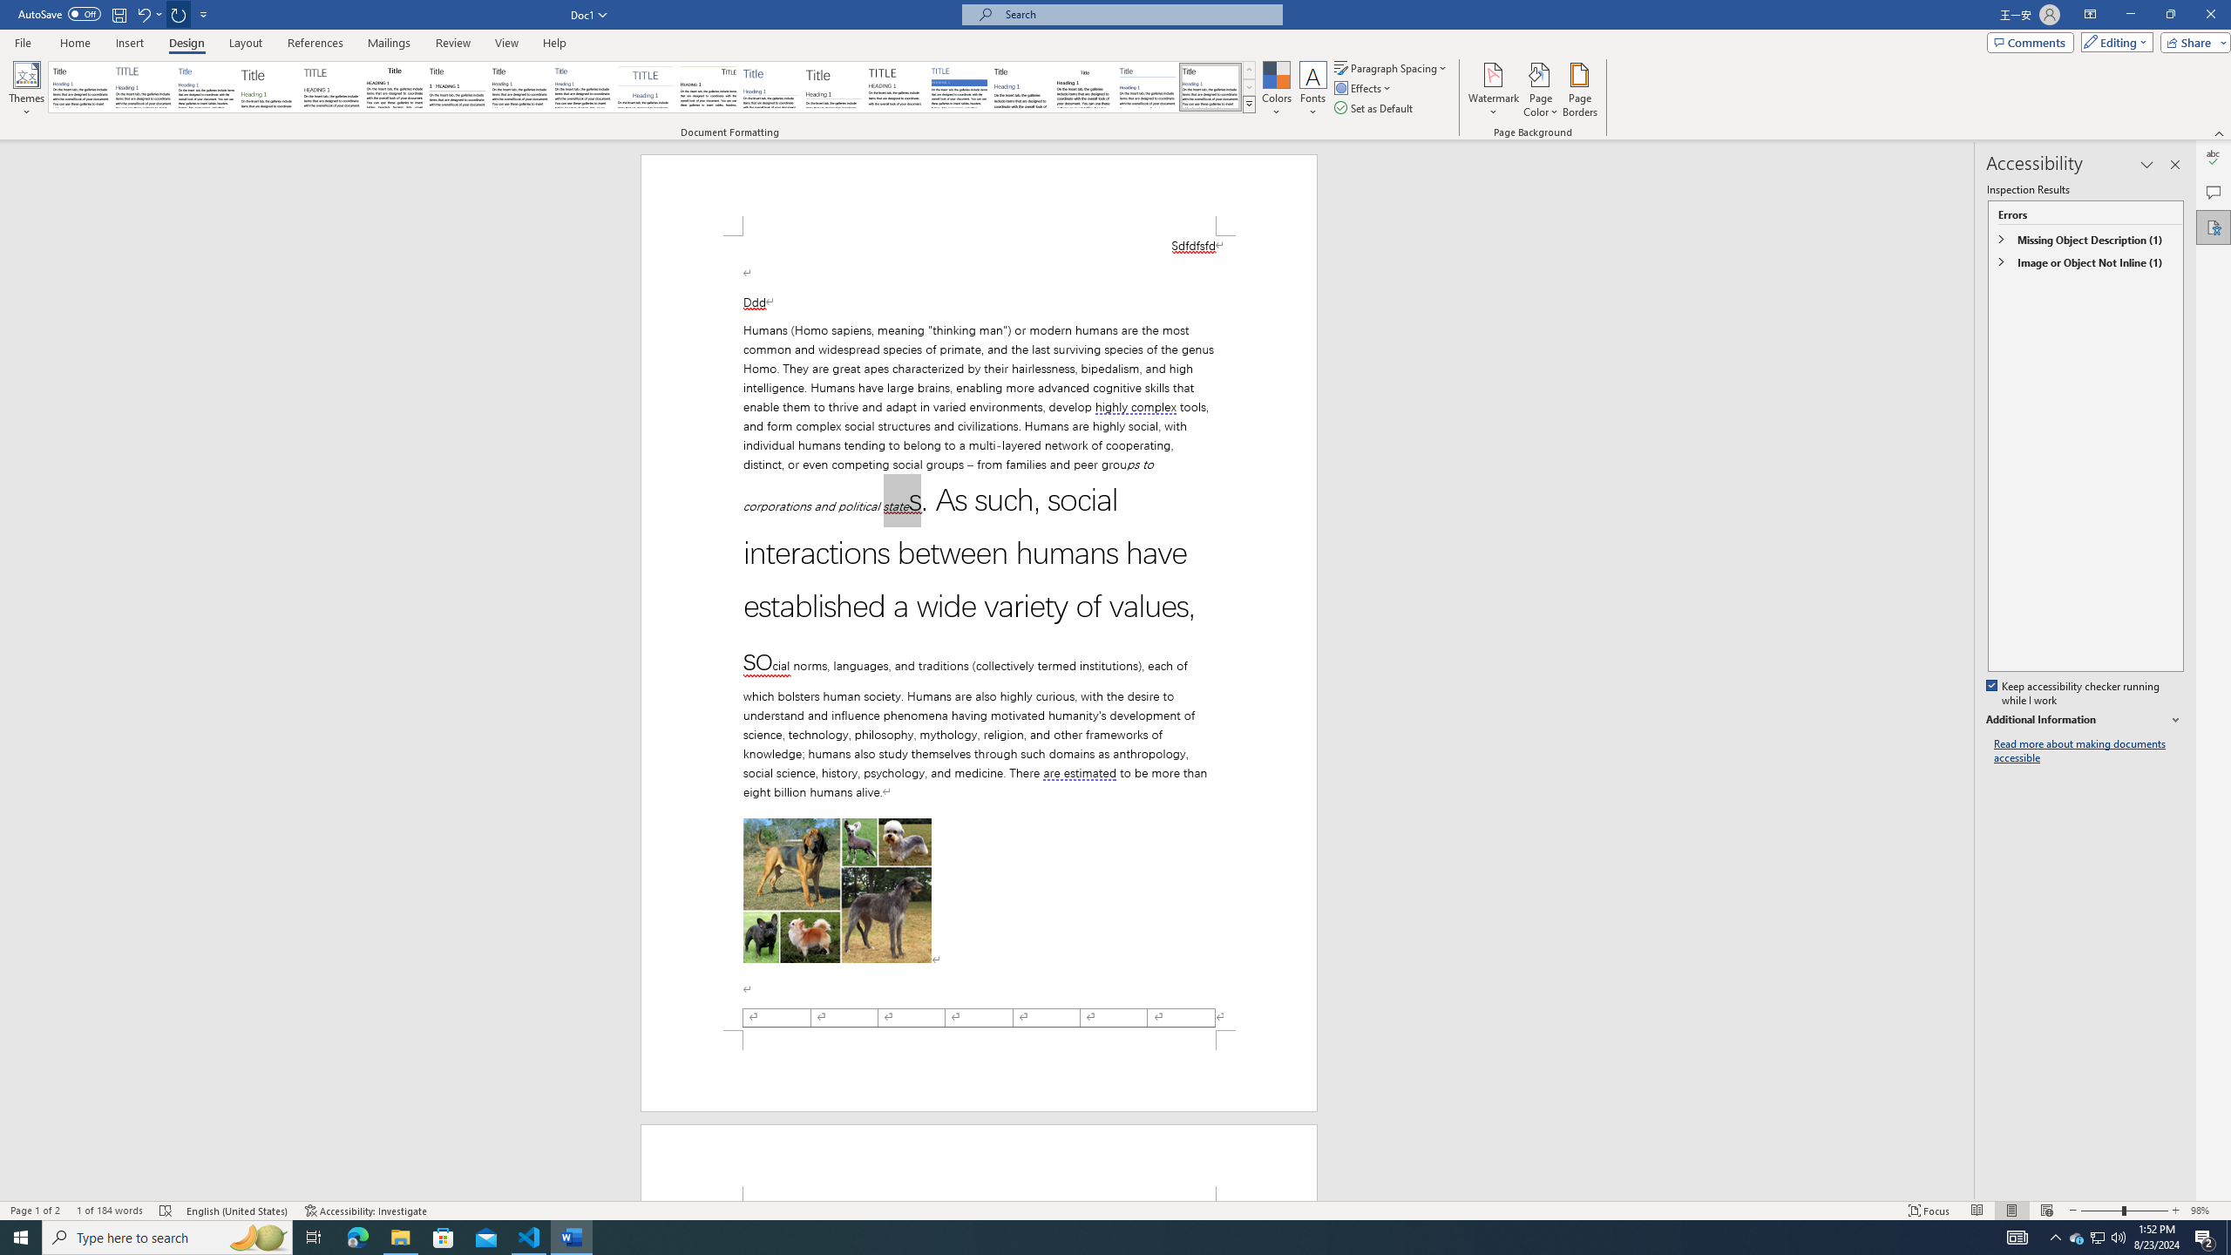  Describe the element at coordinates (1580, 90) in the screenshot. I see `'Page Borders...'` at that location.